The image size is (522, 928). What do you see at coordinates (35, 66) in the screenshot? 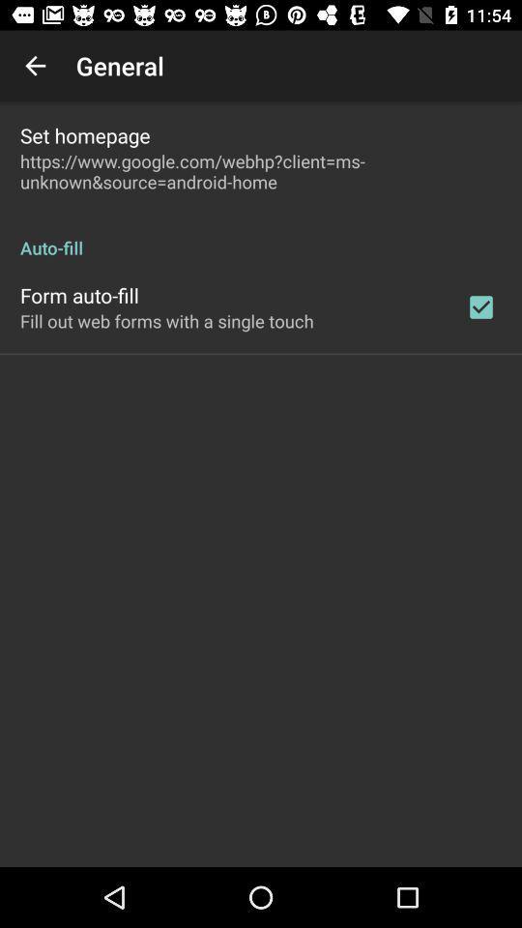
I see `the item above set homepage item` at bounding box center [35, 66].